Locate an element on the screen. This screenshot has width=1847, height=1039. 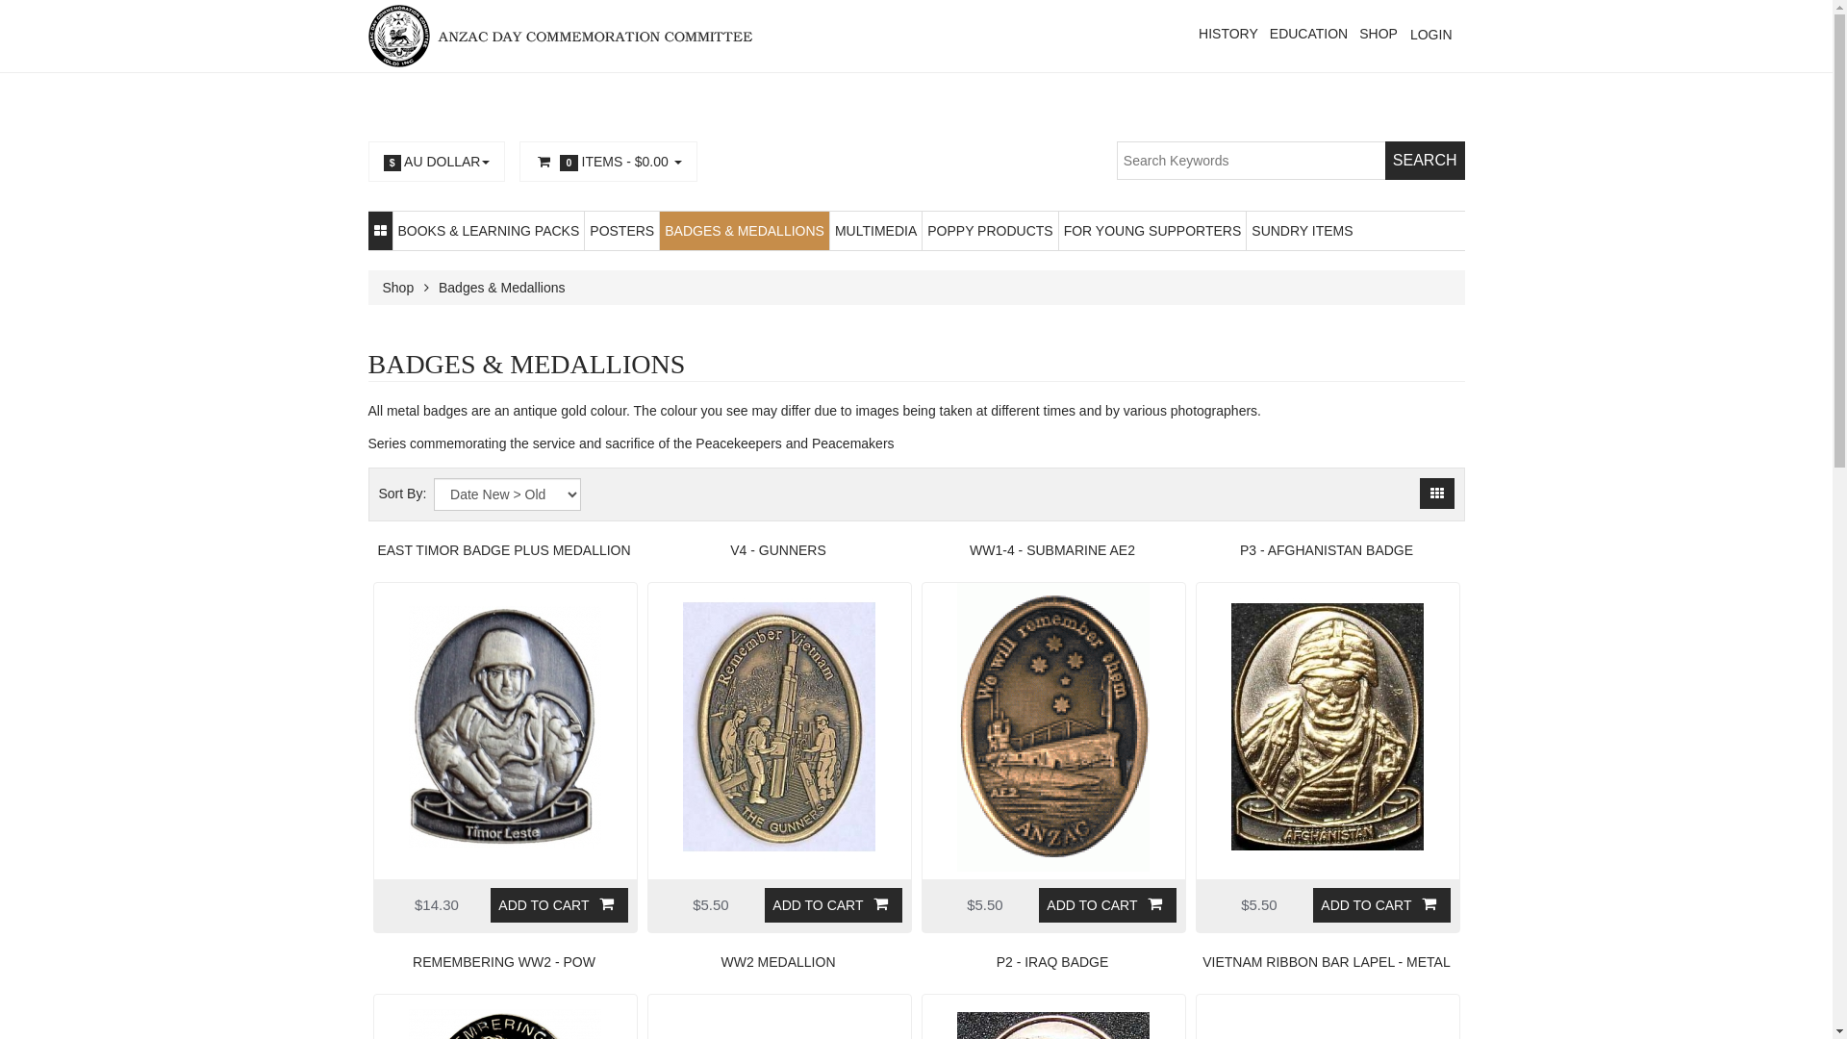
'SUNDRY ITEMS' is located at coordinates (1302, 229).